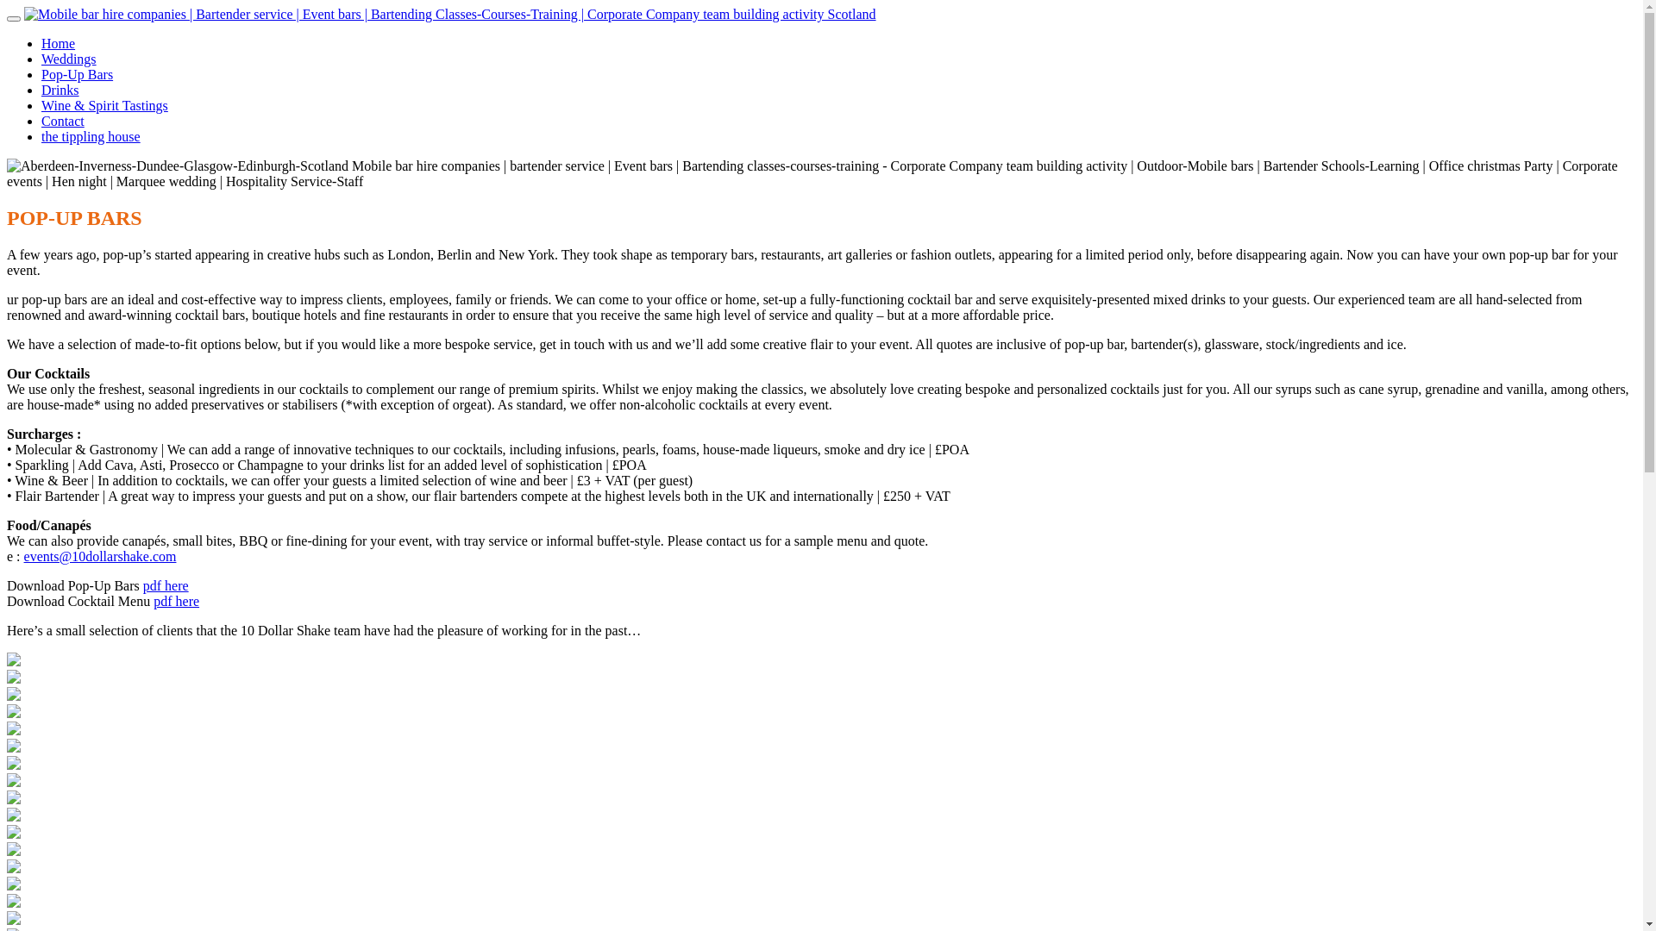  What do you see at coordinates (90, 135) in the screenshot?
I see `'the tippling house'` at bounding box center [90, 135].